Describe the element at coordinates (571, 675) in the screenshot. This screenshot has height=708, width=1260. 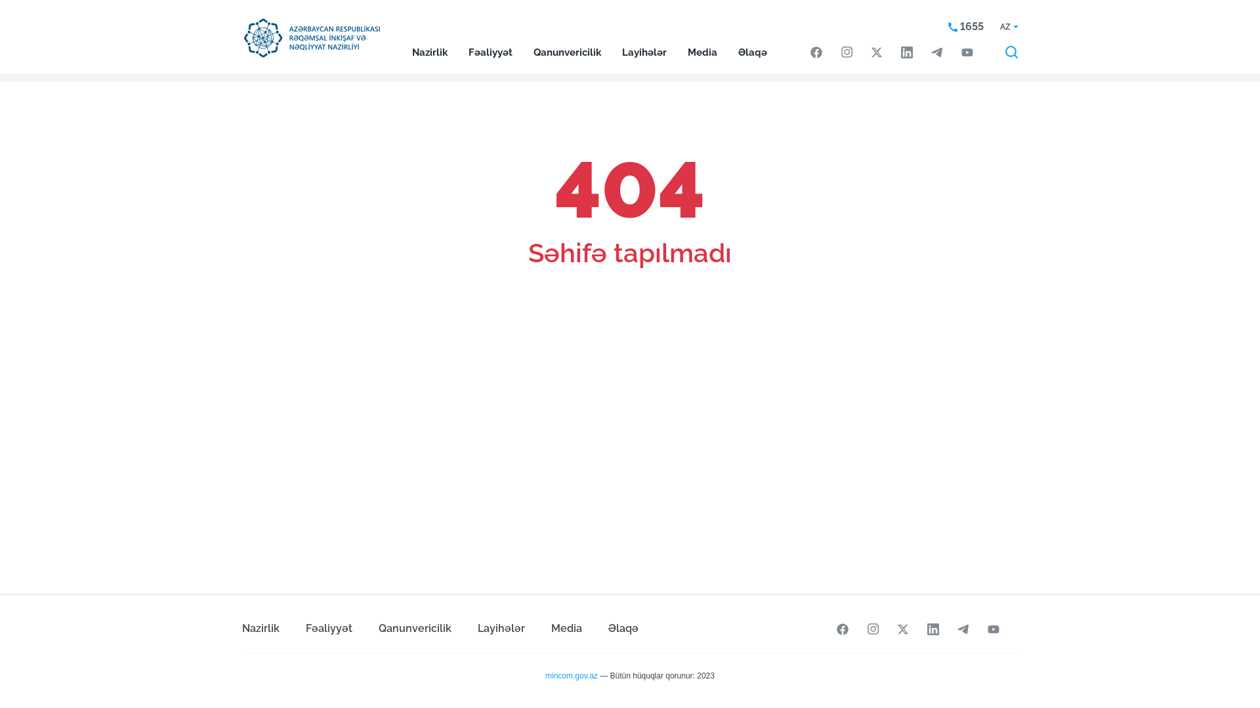
I see `'mincom.gov.az'` at that location.